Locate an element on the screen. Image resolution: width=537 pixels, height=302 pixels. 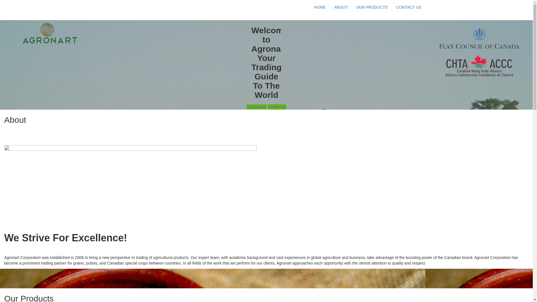
'ABOUT' is located at coordinates (341, 7).